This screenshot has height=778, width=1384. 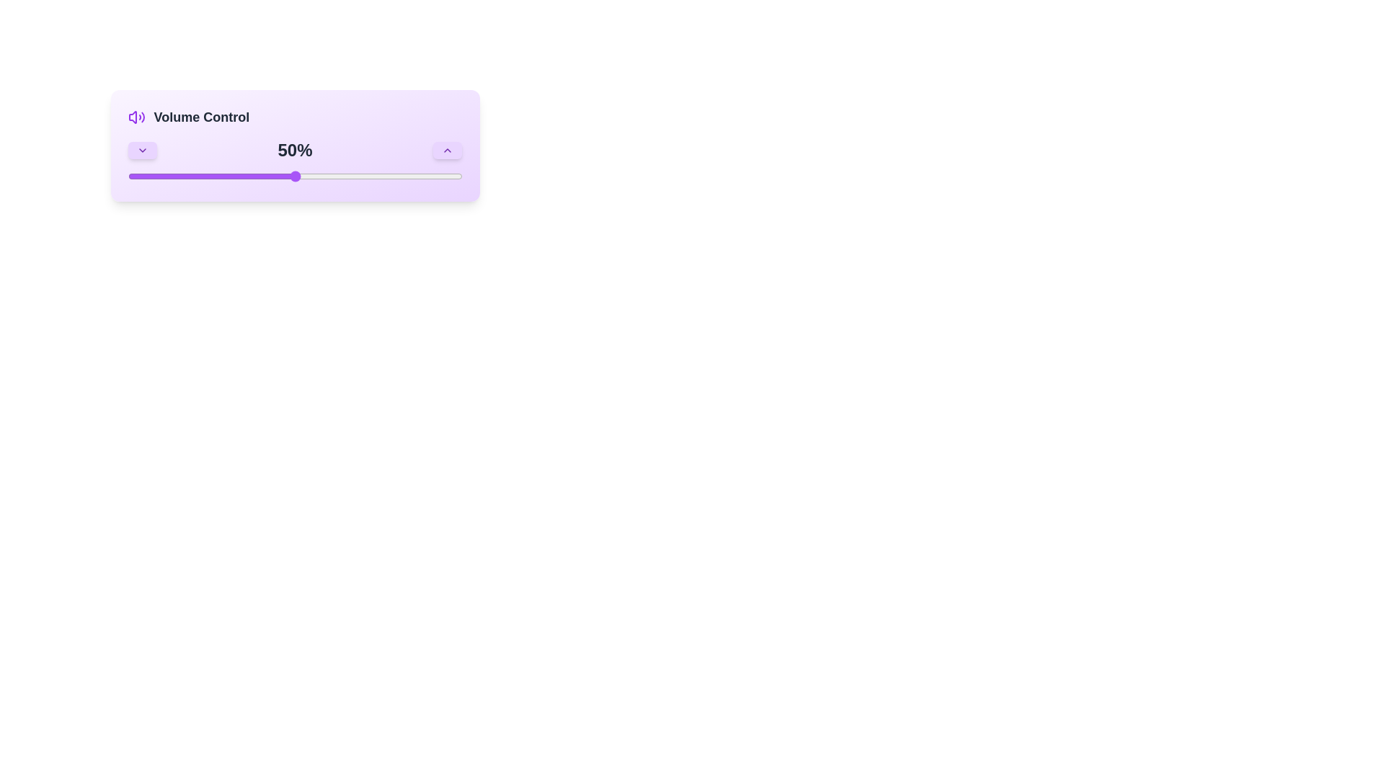 What do you see at coordinates (151, 176) in the screenshot?
I see `the volume slider` at bounding box center [151, 176].